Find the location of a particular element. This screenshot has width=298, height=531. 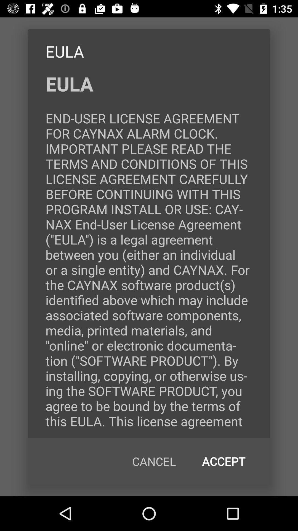

icon below eula end user icon is located at coordinates (154, 461).